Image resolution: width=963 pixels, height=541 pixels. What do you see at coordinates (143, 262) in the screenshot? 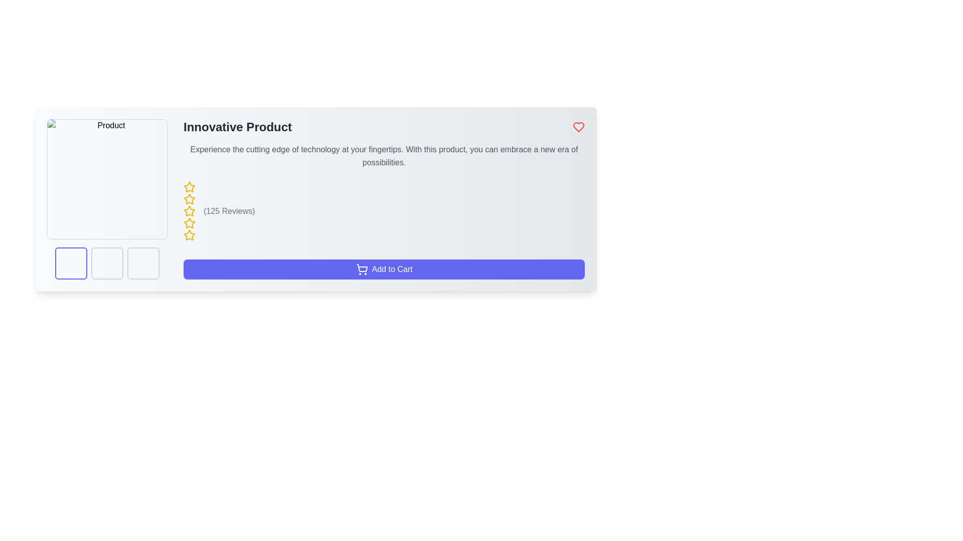
I see `the rightmost clickable square box, which is part of a group of three horizontally arranged square boxes` at bounding box center [143, 262].